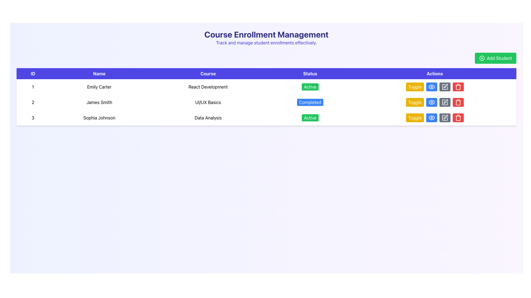 The width and height of the screenshot is (531, 298). What do you see at coordinates (310, 118) in the screenshot?
I see `the 'Active' status indicator for 'Sophia Johnson' located in the 'Status' column of the table, specifically in the third row` at bounding box center [310, 118].